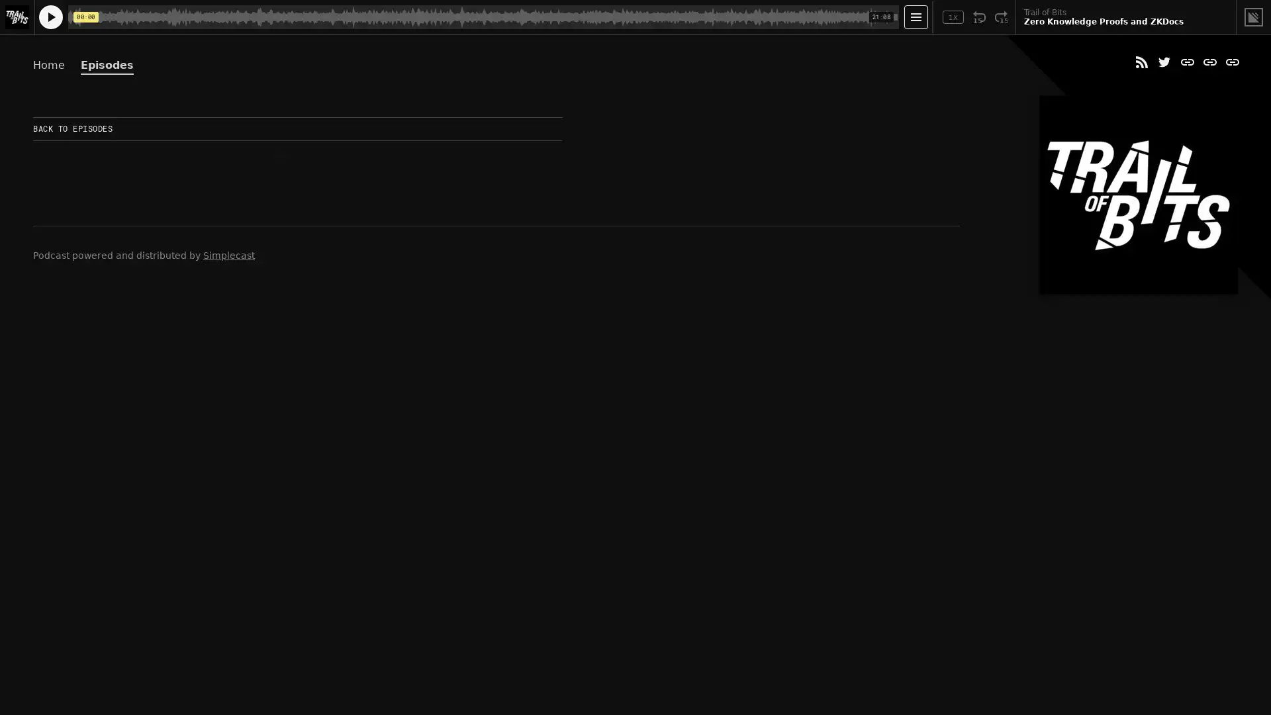  Describe the element at coordinates (979, 17) in the screenshot. I see `Rewind 15 Seconds` at that location.